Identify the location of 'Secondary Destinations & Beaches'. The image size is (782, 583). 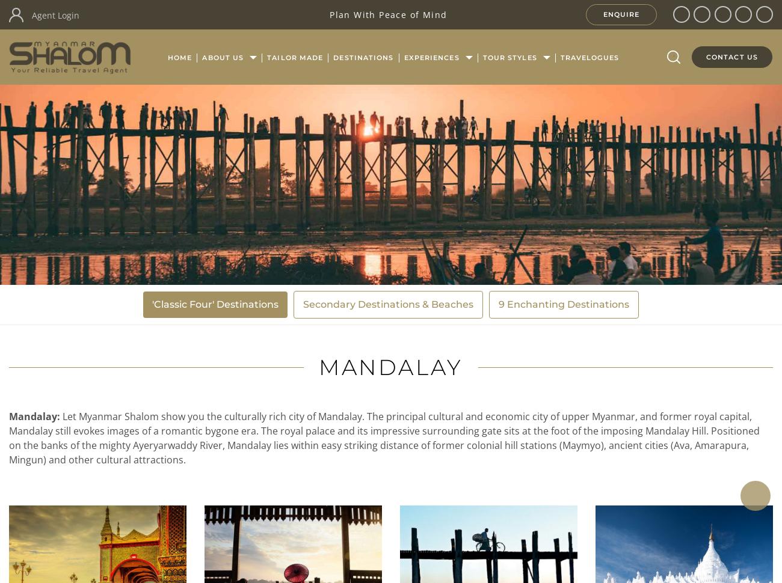
(388, 304).